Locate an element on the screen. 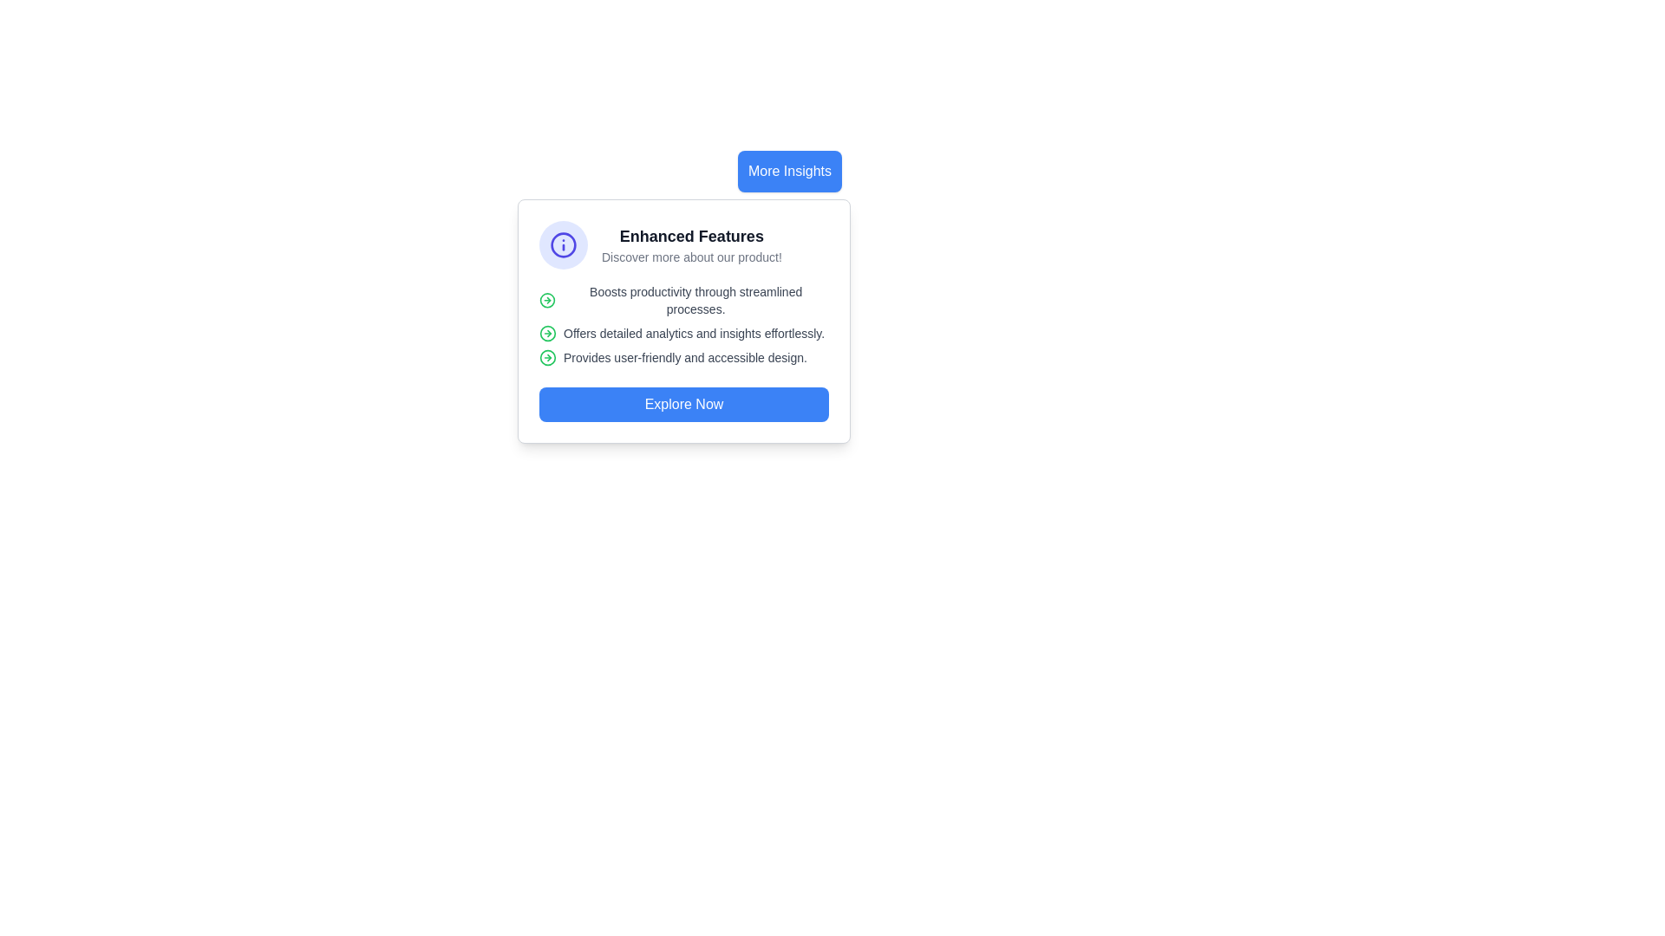 The width and height of the screenshot is (1665, 936). heading 'Enhanced Features' which is styled prominently in bold and larger font, located at the top of the text area within a card-like structure is located at coordinates (690, 237).